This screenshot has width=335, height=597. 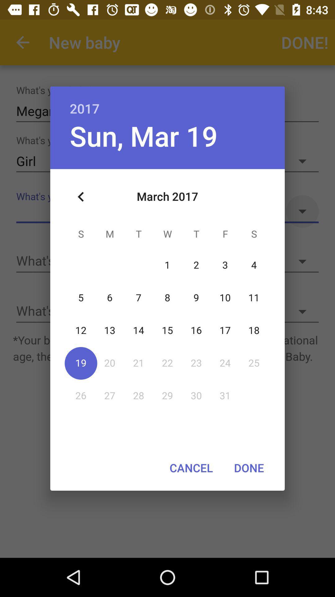 What do you see at coordinates (167, 102) in the screenshot?
I see `the icon above sun, mar 19 icon` at bounding box center [167, 102].